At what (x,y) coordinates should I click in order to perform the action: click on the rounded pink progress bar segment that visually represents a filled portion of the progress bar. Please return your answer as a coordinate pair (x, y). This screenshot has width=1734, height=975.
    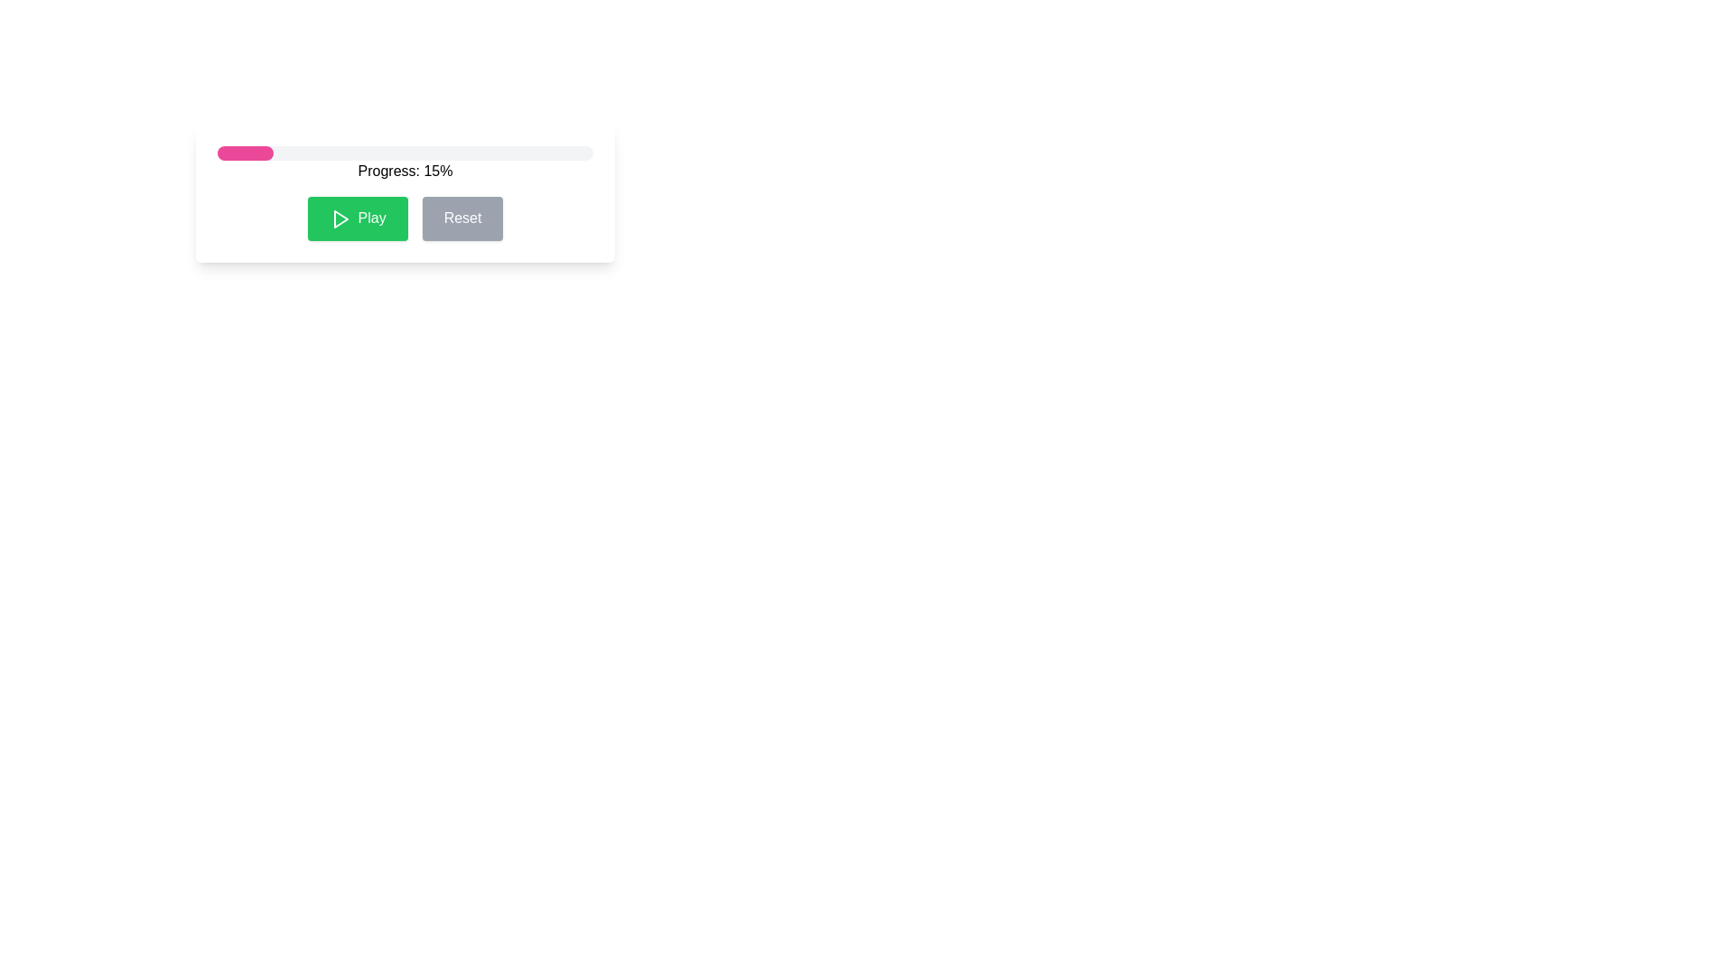
    Looking at the image, I should click on (245, 152).